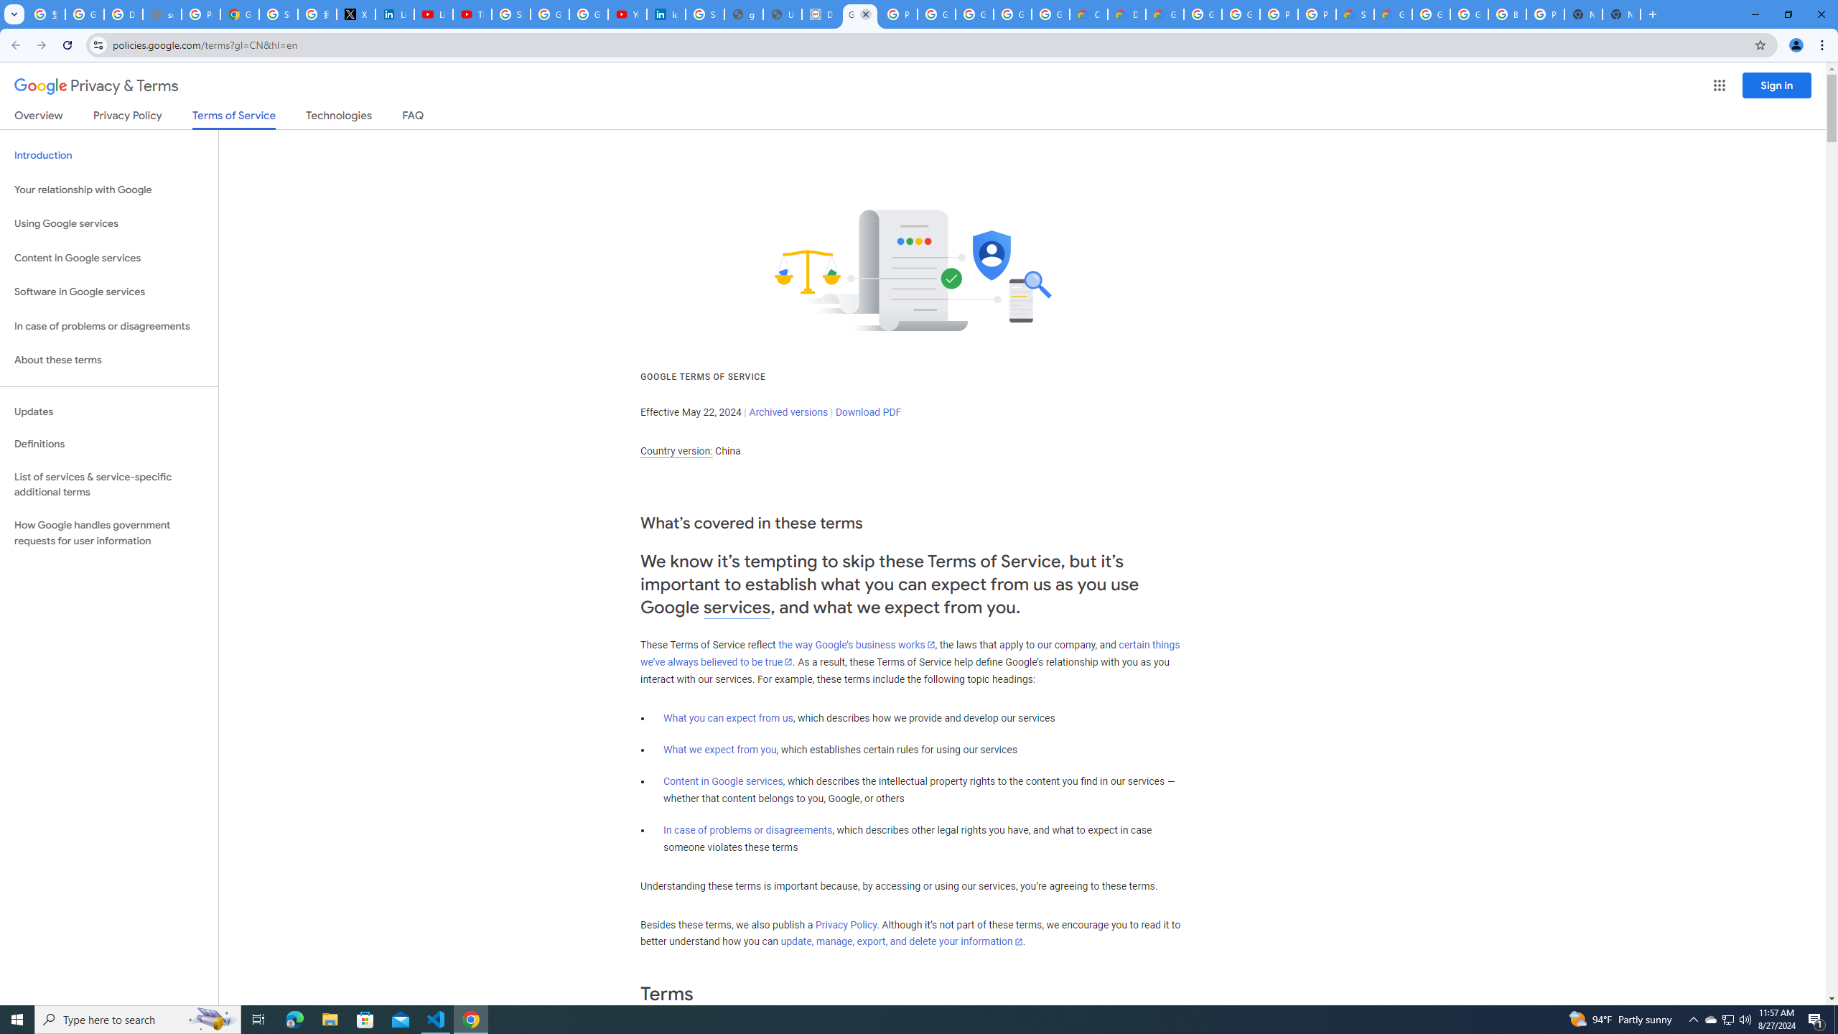  I want to click on 'Google Cloud Platform', so click(1241, 14).